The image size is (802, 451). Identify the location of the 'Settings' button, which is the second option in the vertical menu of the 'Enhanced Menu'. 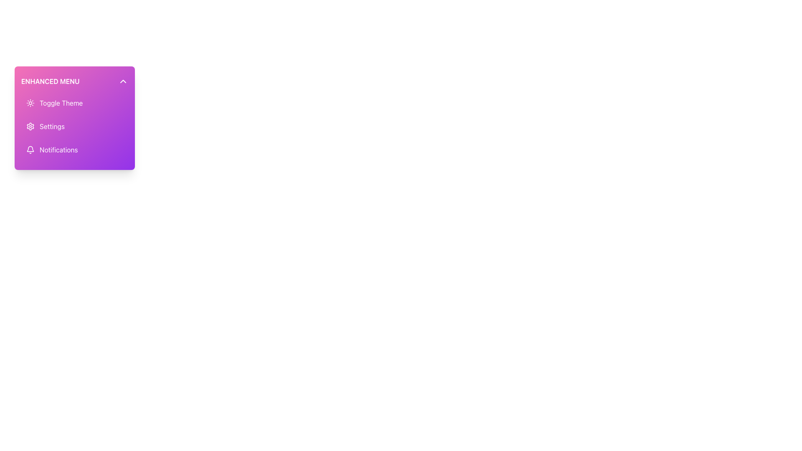
(74, 127).